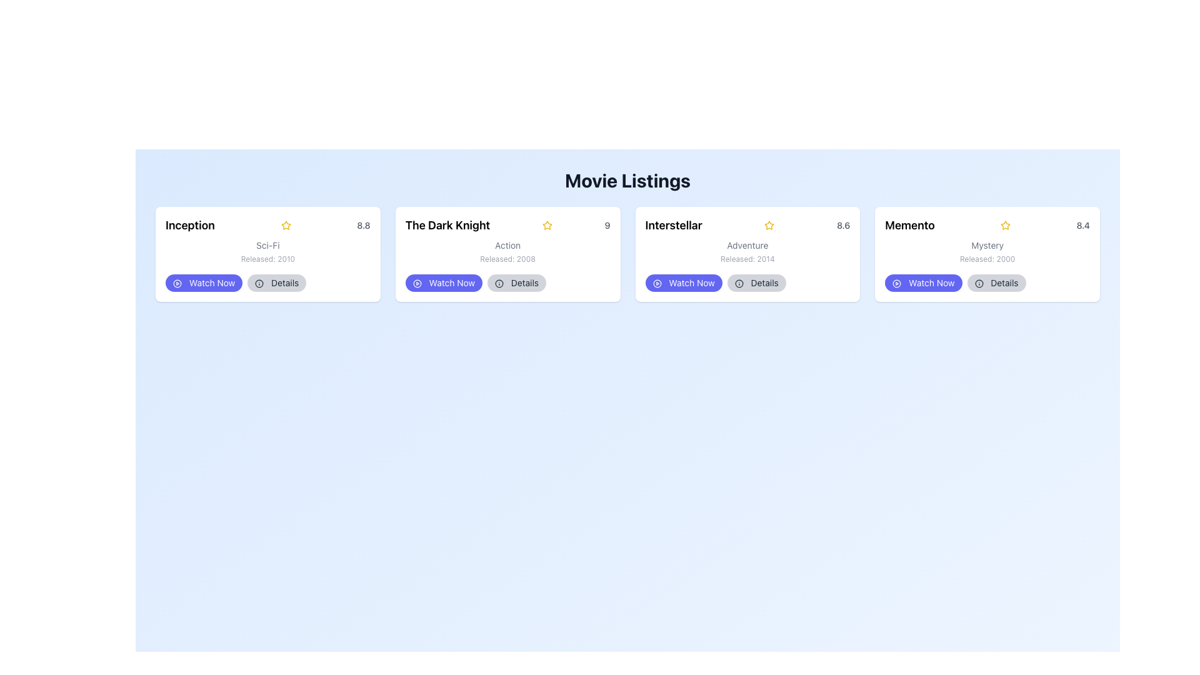 The width and height of the screenshot is (1200, 675). Describe the element at coordinates (417, 284) in the screenshot. I see `the circular 'play' icon located on the left-hand side of the 'Watch Now' button for 'The Dark Knight' to interact with its functionality` at that location.